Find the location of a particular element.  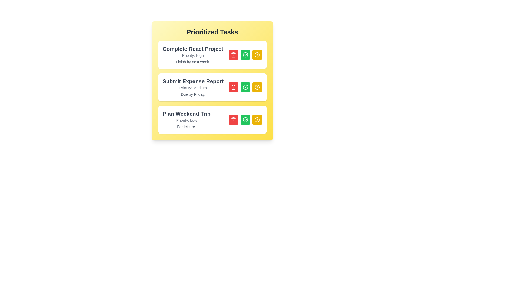

alert button for the task titled 'Complete React Project' is located at coordinates (257, 55).